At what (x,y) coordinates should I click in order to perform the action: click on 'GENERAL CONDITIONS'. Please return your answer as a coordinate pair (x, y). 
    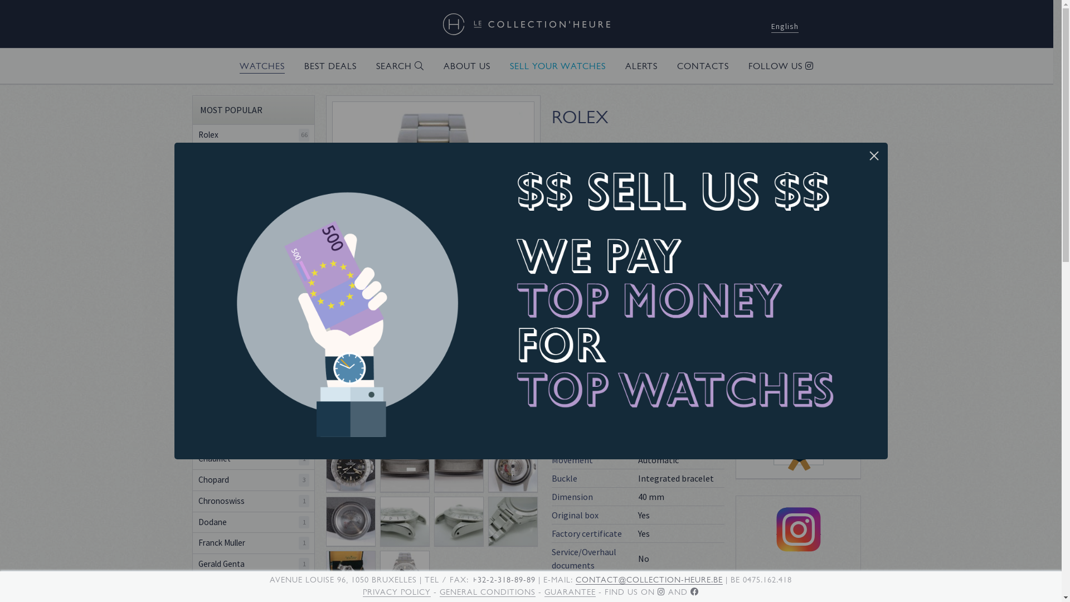
    Looking at the image, I should click on (439, 591).